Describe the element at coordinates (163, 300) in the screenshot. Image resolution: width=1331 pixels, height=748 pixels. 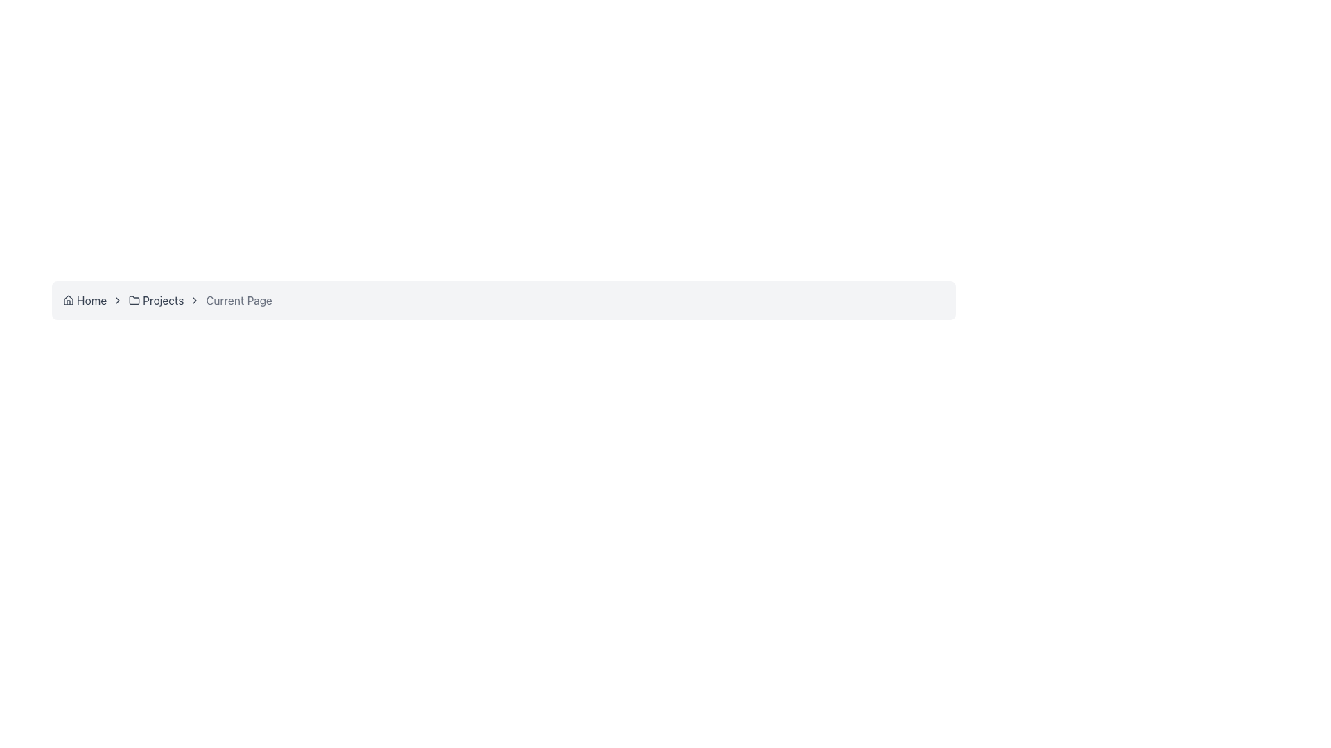
I see `the 'Projects' text link in the breadcrumb navigation` at that location.